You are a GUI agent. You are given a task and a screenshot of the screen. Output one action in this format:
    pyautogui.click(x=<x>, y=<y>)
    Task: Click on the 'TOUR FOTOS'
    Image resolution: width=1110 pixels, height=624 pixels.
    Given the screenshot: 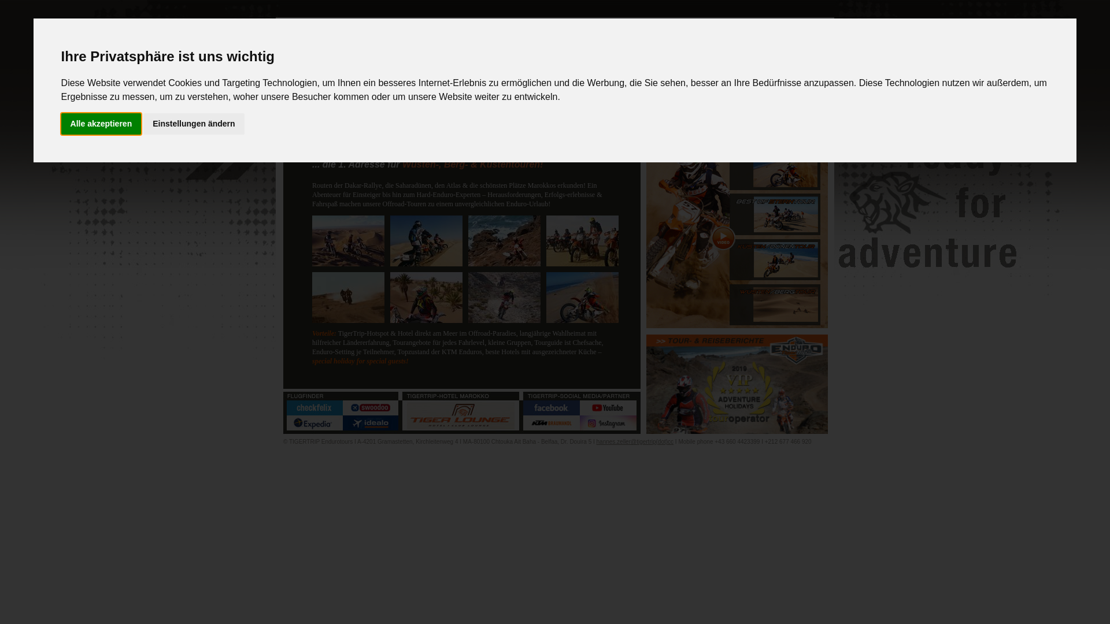 What is the action you would take?
    pyautogui.click(x=689, y=117)
    